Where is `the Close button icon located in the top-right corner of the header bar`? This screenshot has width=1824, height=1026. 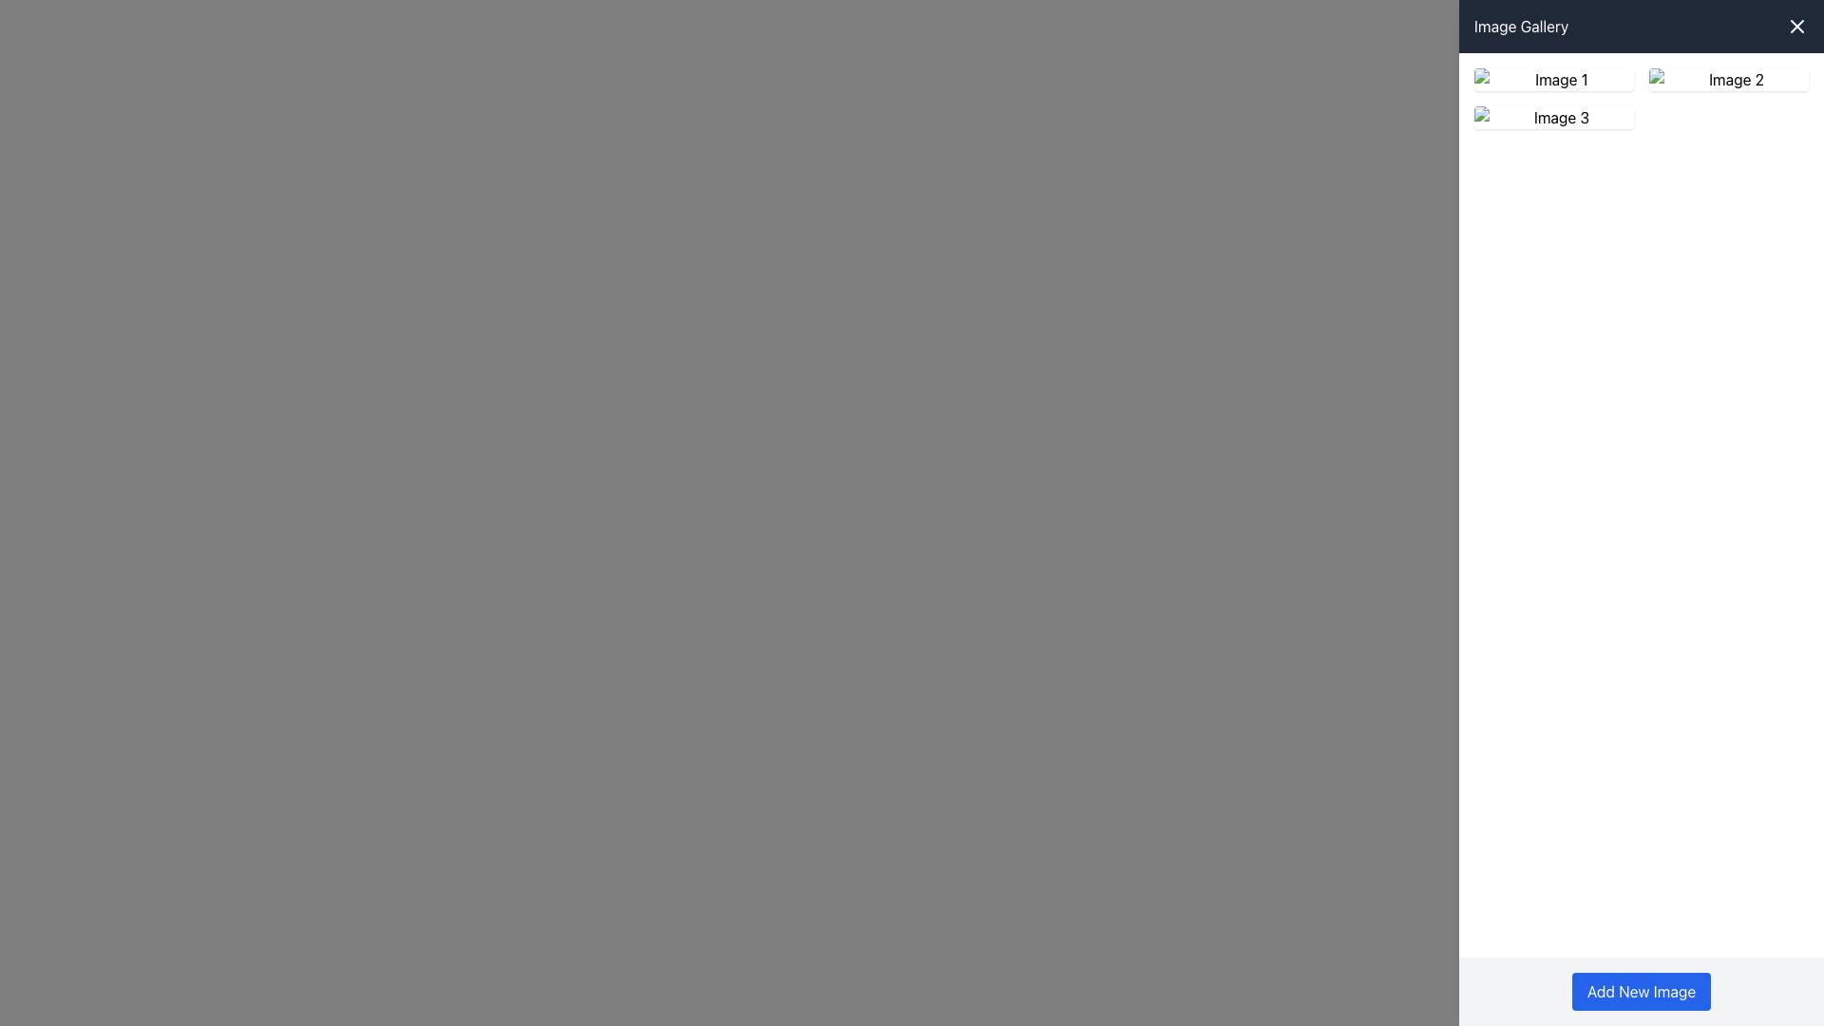
the Close button icon located in the top-right corner of the header bar is located at coordinates (1795, 26).